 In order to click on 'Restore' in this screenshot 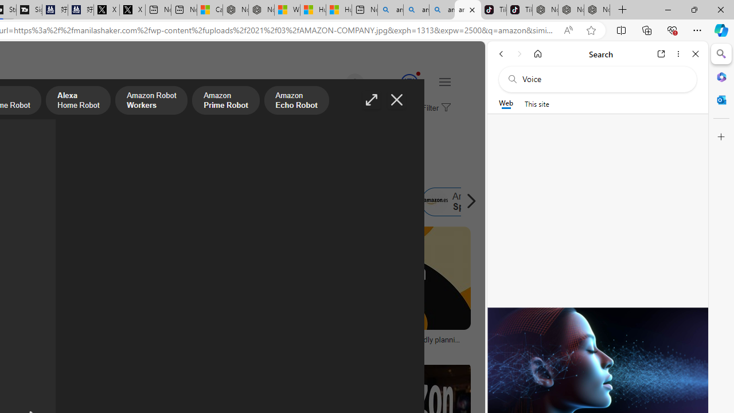, I will do `click(693, 9)`.